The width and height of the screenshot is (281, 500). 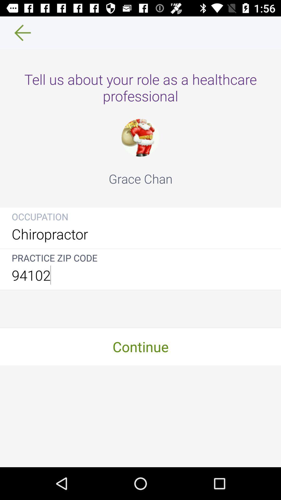 What do you see at coordinates (140, 275) in the screenshot?
I see `item below practice zip code item` at bounding box center [140, 275].